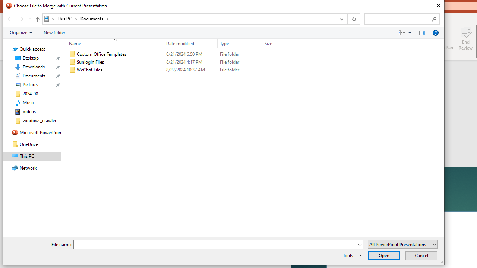 The image size is (477, 268). Describe the element at coordinates (223, 32) in the screenshot. I see `'Command Module'` at that location.